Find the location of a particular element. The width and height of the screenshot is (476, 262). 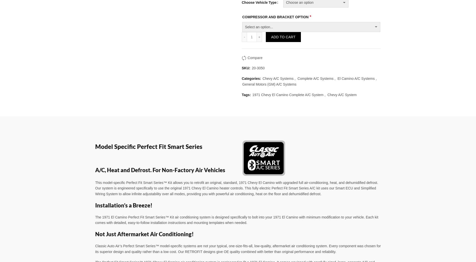

'Model Specific' is located at coordinates (116, 146).